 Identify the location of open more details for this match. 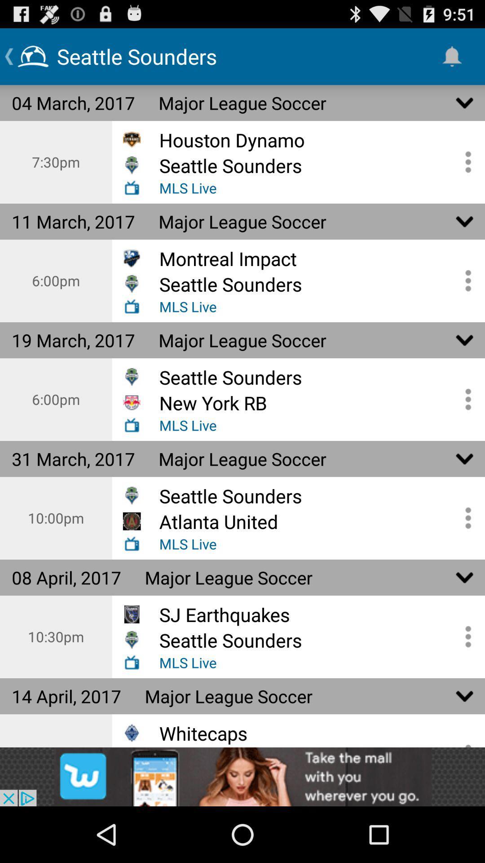
(465, 162).